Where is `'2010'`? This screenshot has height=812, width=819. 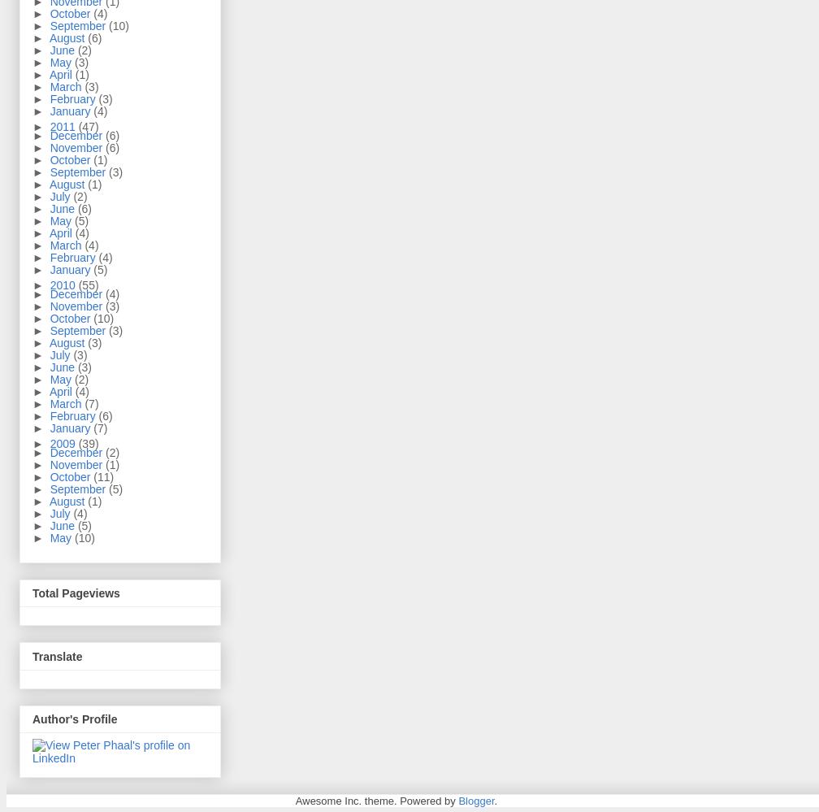
'2010' is located at coordinates (49, 284).